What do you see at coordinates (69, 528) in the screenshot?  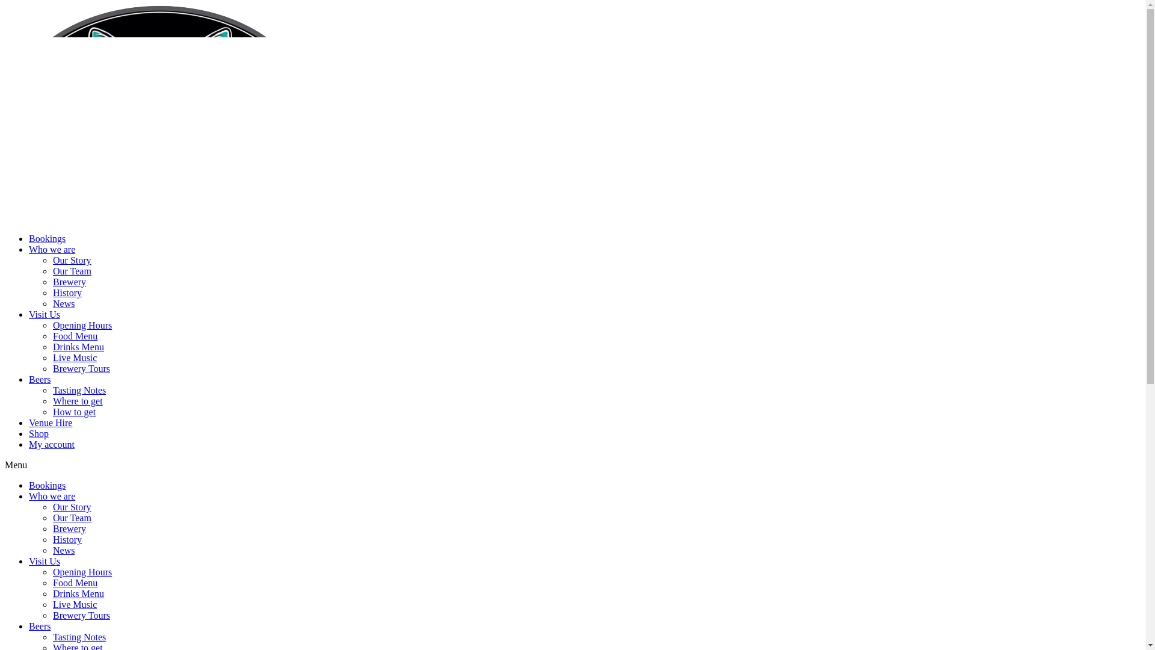 I see `'Brewery'` at bounding box center [69, 528].